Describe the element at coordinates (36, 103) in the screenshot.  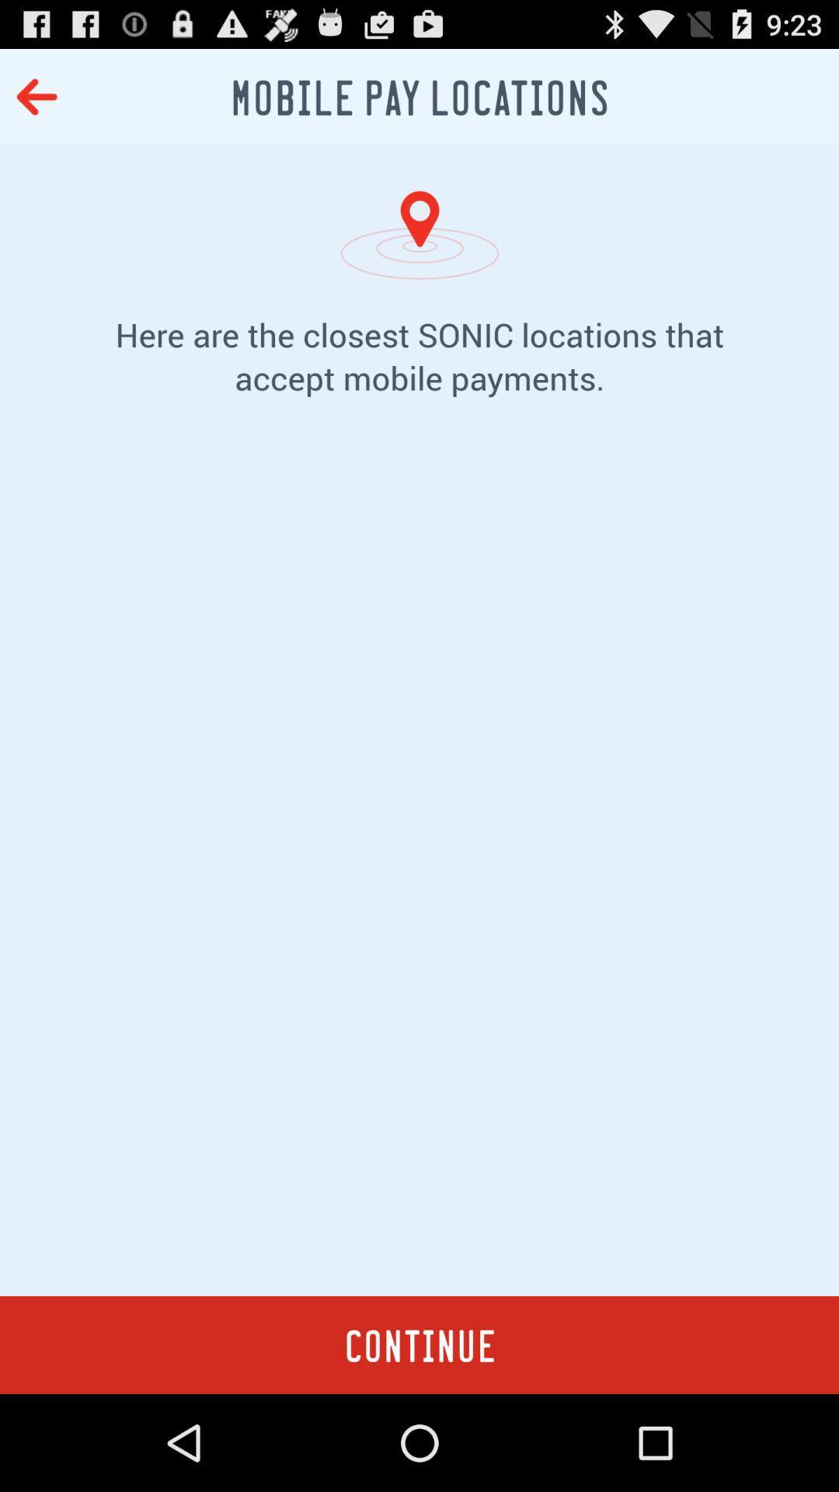
I see `the arrow_backward icon` at that location.